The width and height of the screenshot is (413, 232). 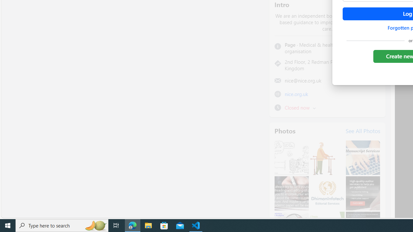 What do you see at coordinates (196, 225) in the screenshot?
I see `'Visual Studio Code - 1 running window'` at bounding box center [196, 225].